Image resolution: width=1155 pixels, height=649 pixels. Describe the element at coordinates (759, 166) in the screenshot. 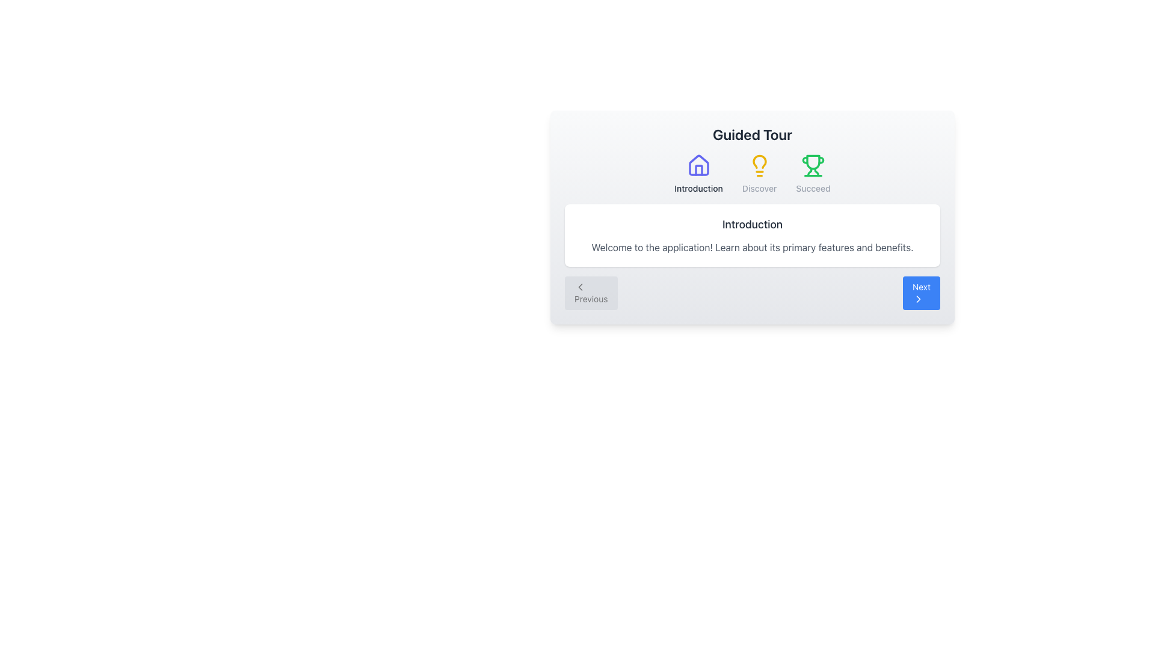

I see `the yellow lightbulb-shaped icon located above the 'Discover' label in the guided tour interface` at that location.